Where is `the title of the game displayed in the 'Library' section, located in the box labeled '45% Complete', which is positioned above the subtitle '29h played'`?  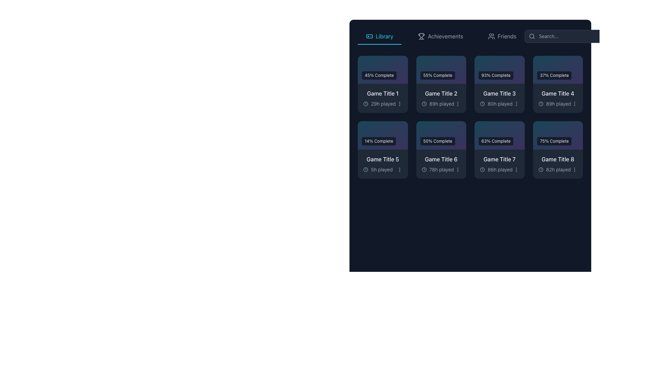
the title of the game displayed in the 'Library' section, located in the box labeled '45% Complete', which is positioned above the subtitle '29h played' is located at coordinates (382, 93).